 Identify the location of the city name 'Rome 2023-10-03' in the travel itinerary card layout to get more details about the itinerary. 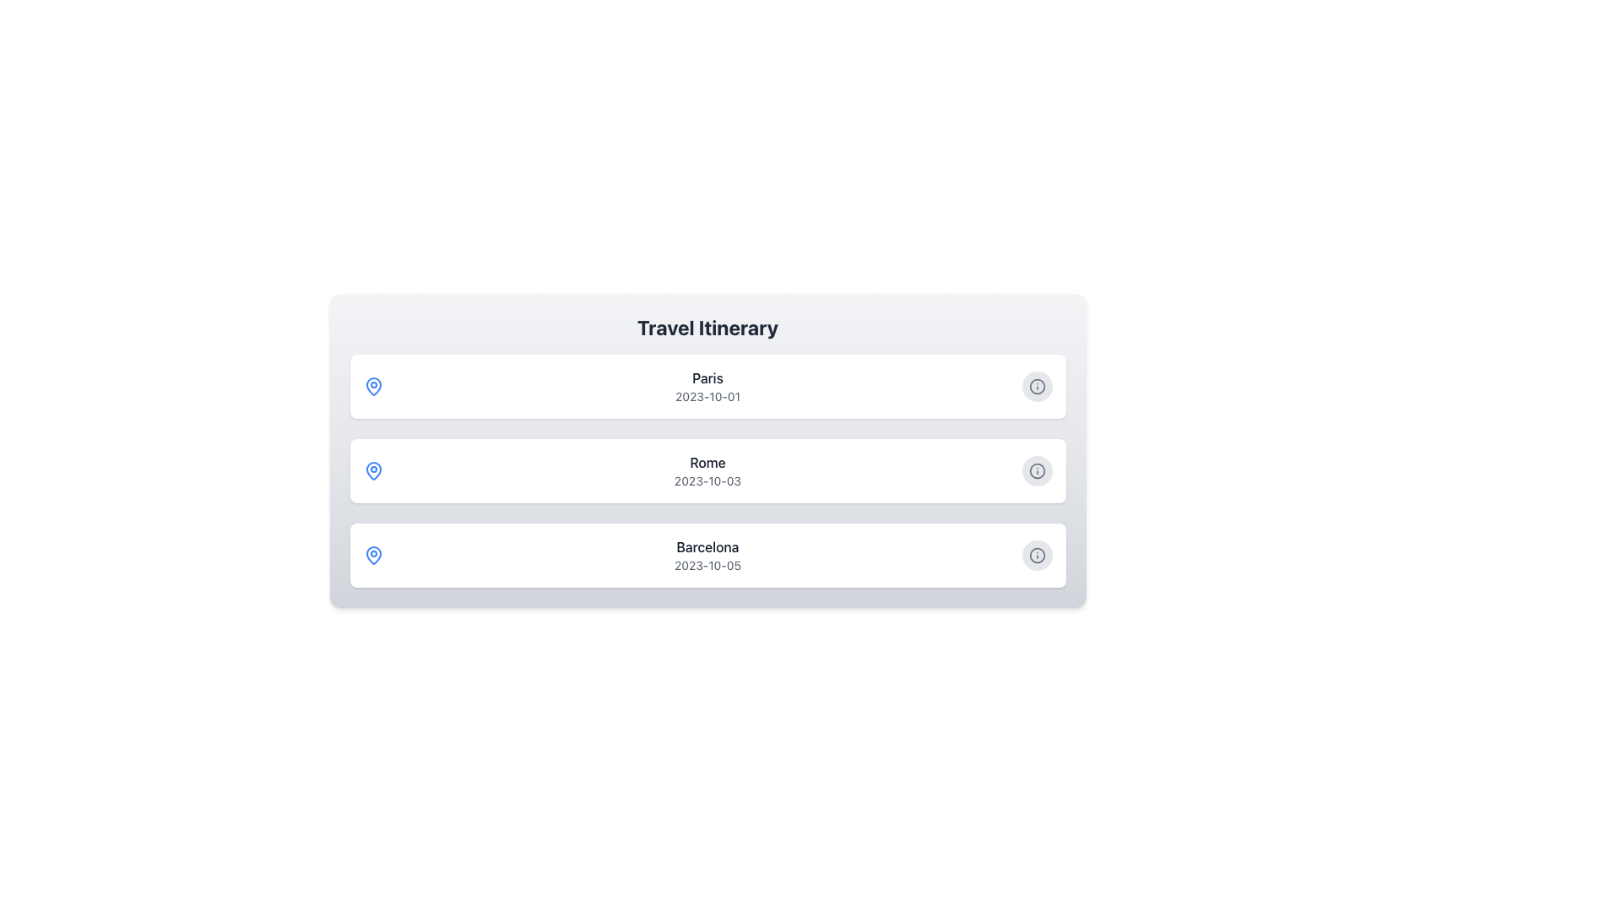
(707, 471).